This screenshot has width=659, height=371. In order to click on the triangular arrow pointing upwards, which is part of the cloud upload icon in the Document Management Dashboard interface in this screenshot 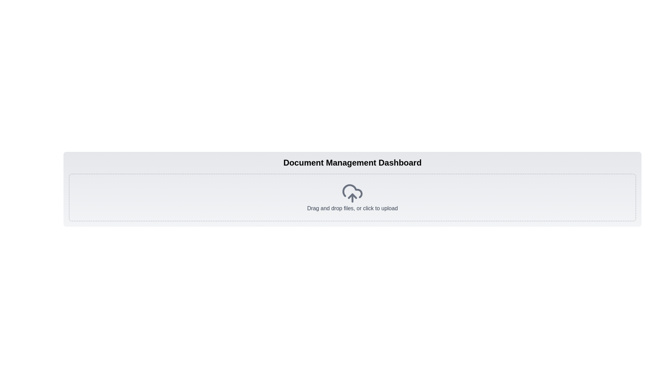, I will do `click(352, 196)`.